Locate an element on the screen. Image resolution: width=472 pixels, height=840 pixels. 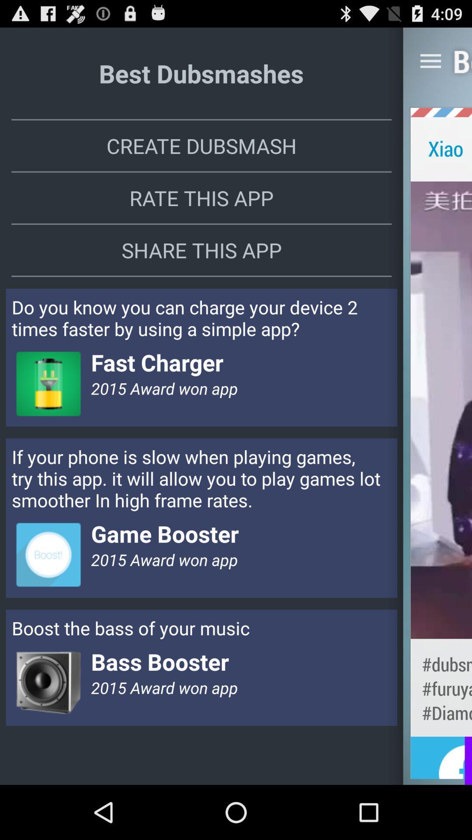
the app to the right of create dubsmash item is located at coordinates (441, 112).